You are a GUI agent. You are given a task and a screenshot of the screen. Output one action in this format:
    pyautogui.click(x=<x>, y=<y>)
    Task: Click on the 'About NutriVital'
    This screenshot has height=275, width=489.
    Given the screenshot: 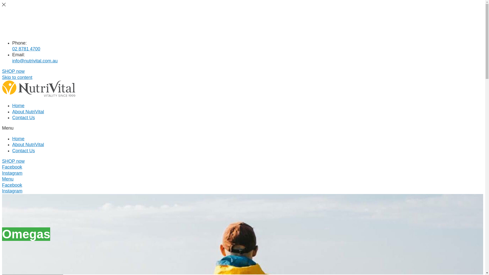 What is the action you would take?
    pyautogui.click(x=28, y=144)
    